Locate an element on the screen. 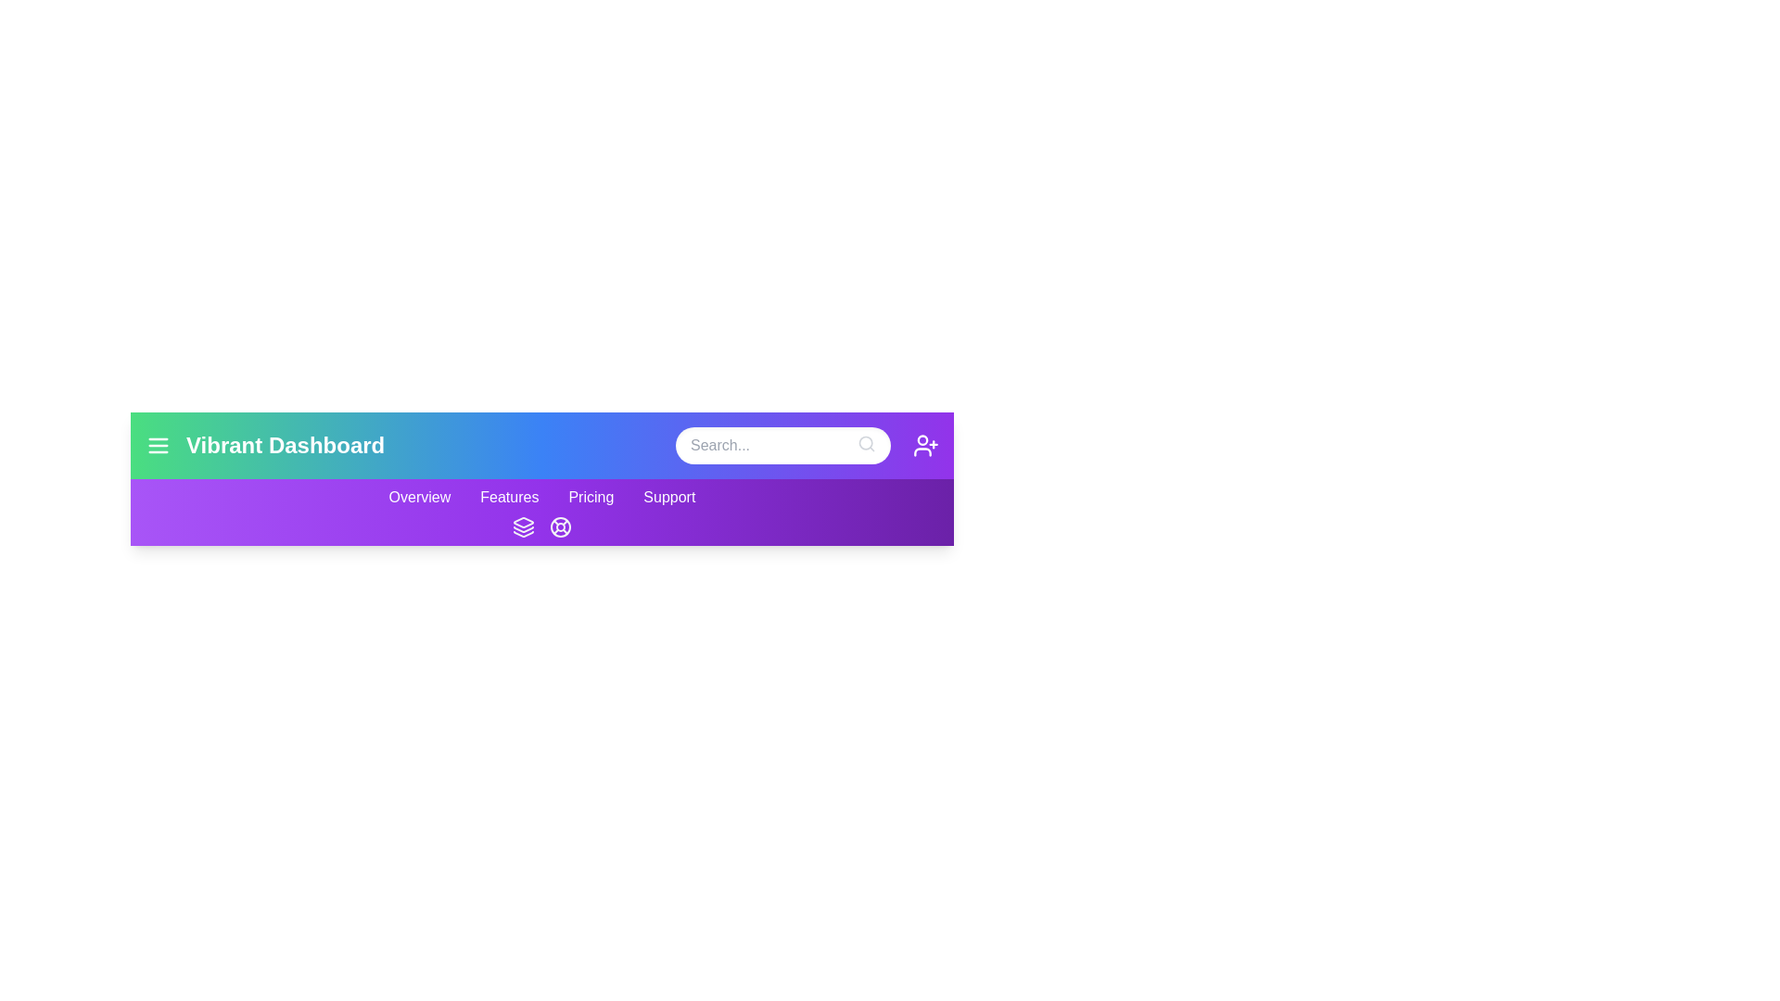 The image size is (1780, 1001). the menu icon to open the menu is located at coordinates (159, 446).